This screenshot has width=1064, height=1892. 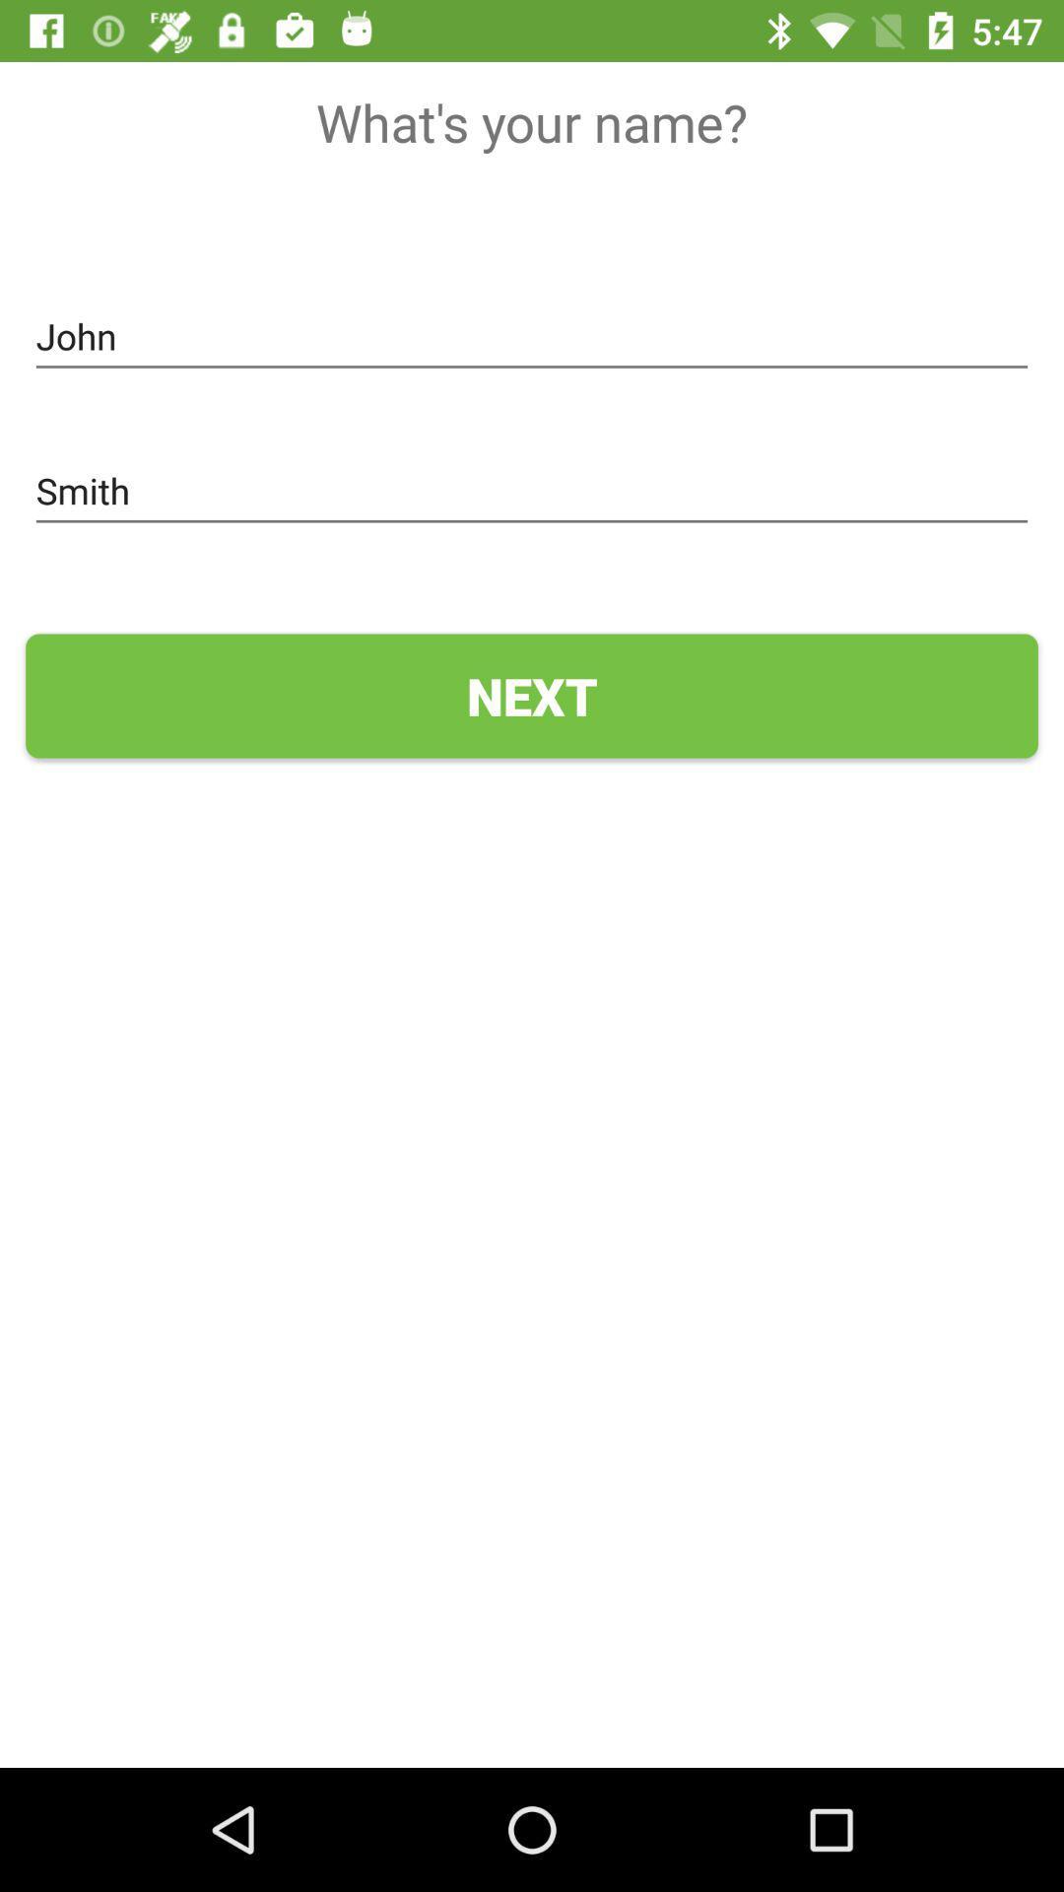 What do you see at coordinates (532, 696) in the screenshot?
I see `next icon` at bounding box center [532, 696].